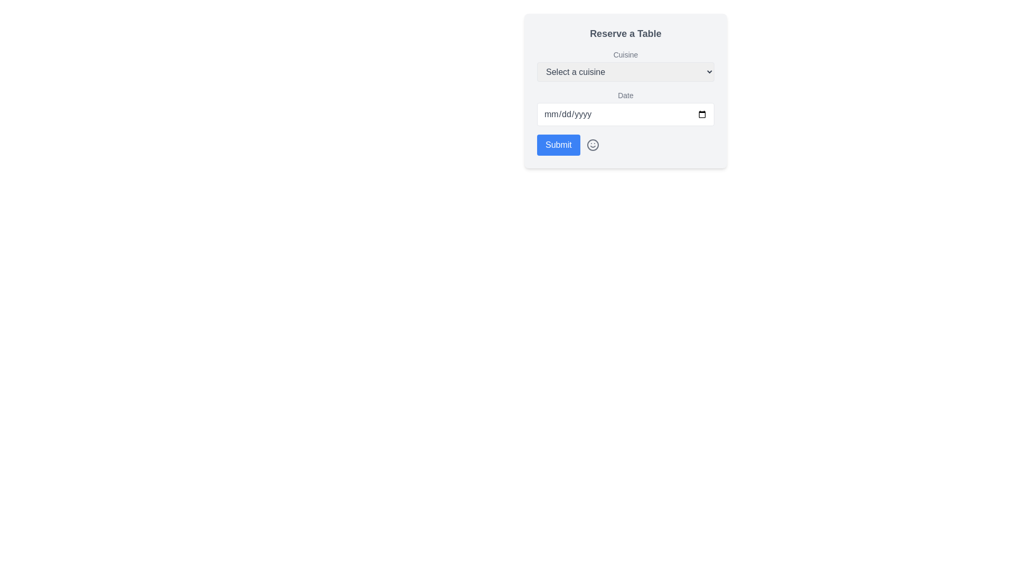 This screenshot has height=570, width=1013. Describe the element at coordinates (592, 145) in the screenshot. I see `the decorative SVG circle that is part of the smiley face graphic, located to the right of the 'Submit' button in a reservation form` at that location.